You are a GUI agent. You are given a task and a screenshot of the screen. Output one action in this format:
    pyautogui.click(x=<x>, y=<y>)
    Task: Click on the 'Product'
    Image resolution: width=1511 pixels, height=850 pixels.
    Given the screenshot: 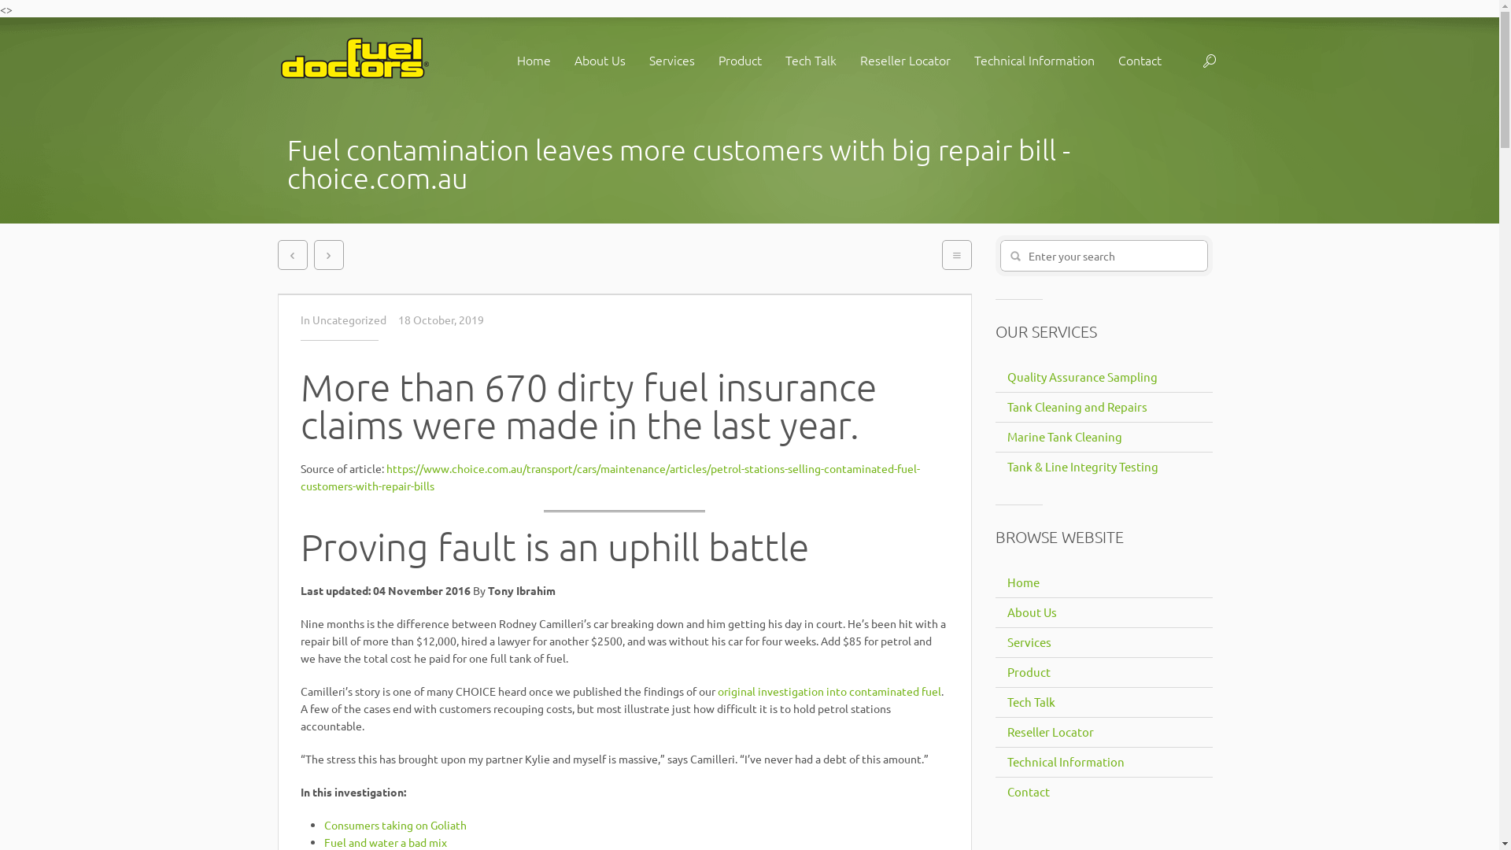 What is the action you would take?
    pyautogui.click(x=1026, y=671)
    